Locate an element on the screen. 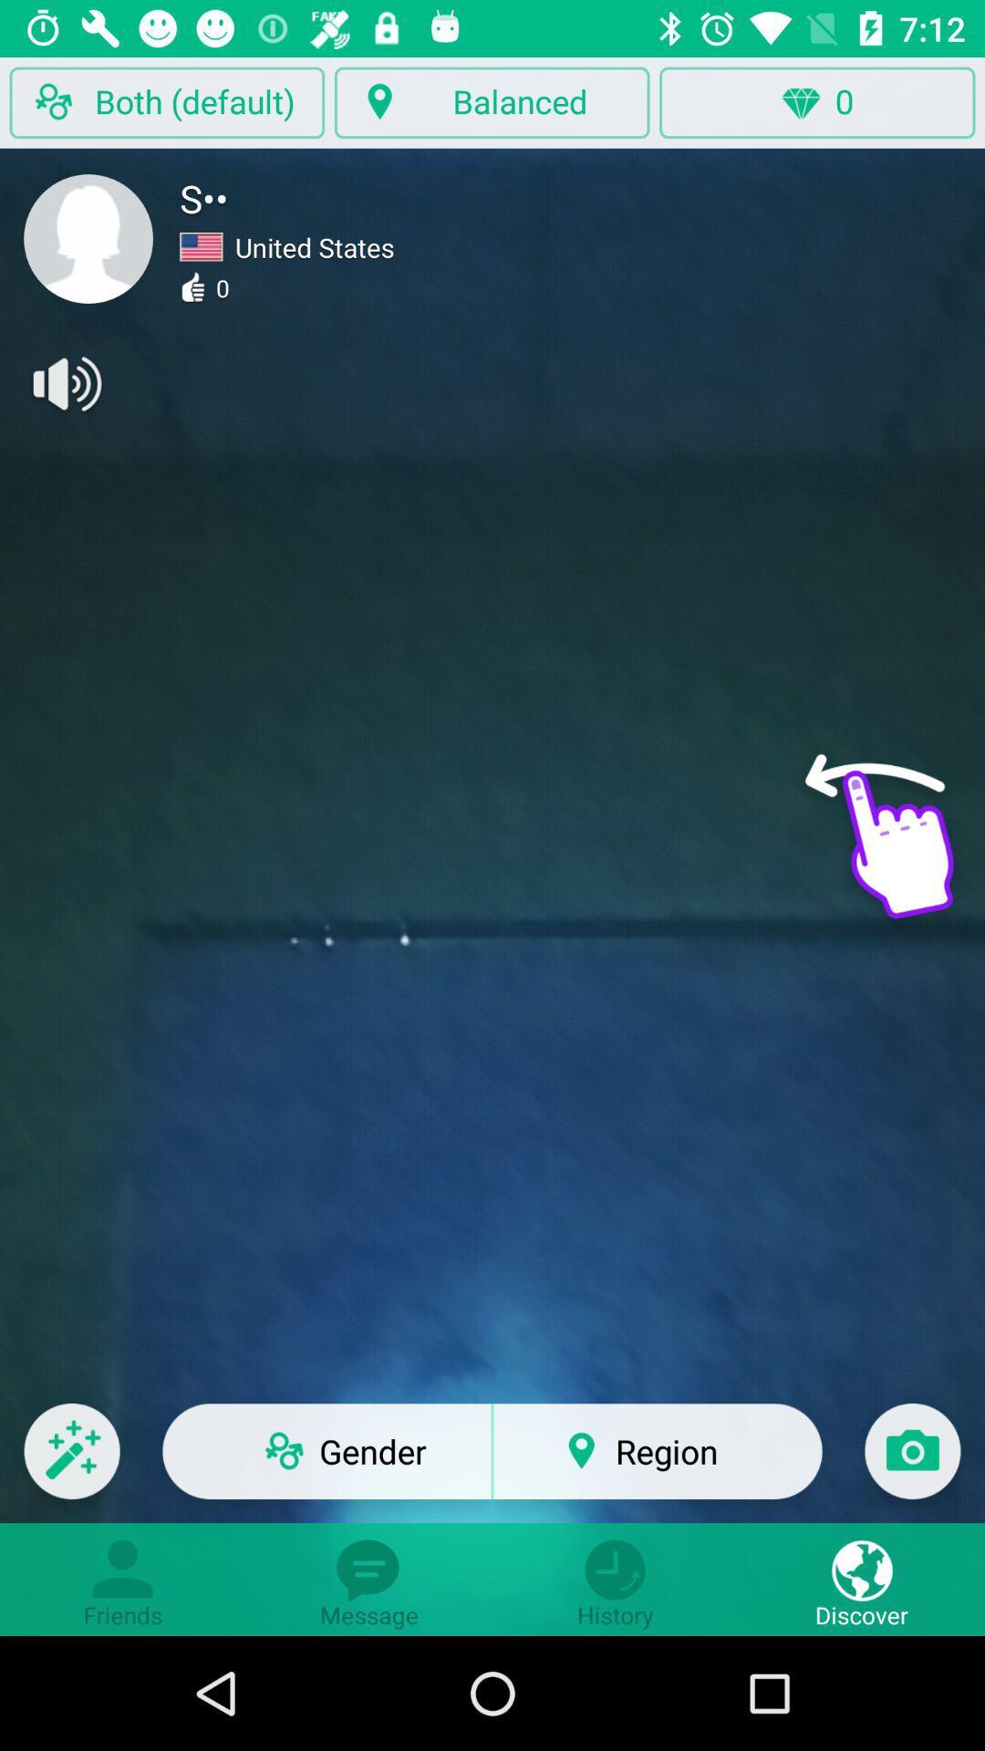  the photo icon is located at coordinates (912, 1463).